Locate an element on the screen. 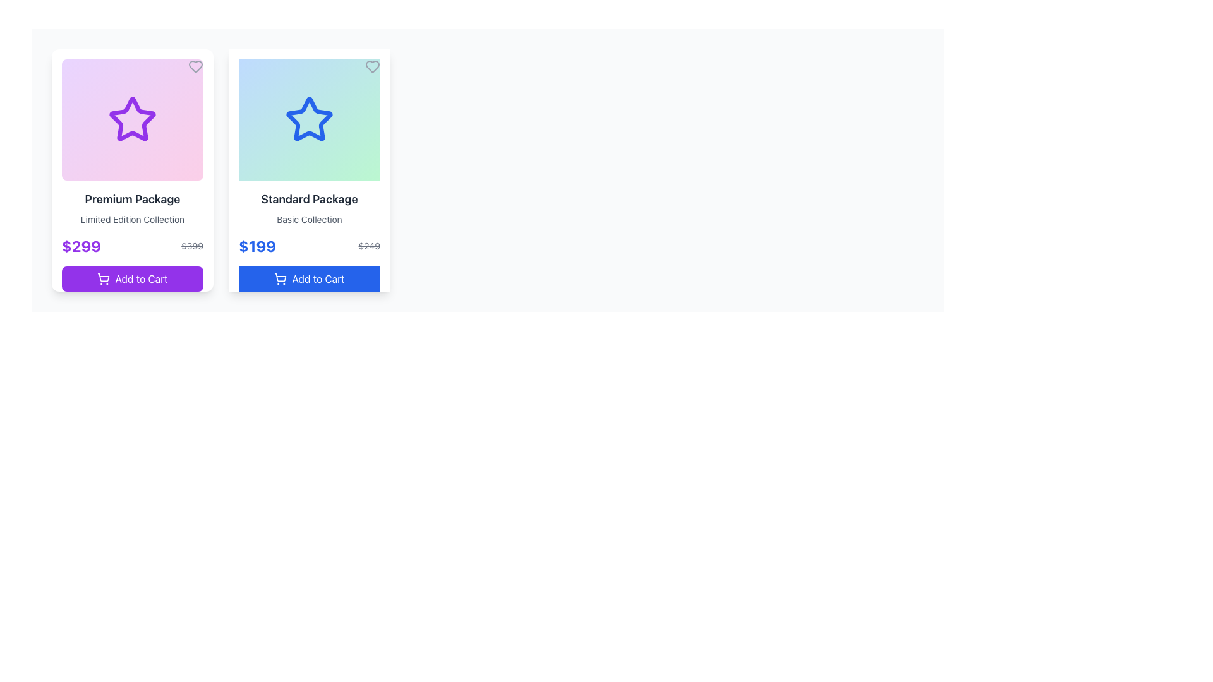 Image resolution: width=1213 pixels, height=682 pixels. the 'Add to Cart' button with a purple background and white text located at the bottom of the 'Premium Package' card is located at coordinates (133, 278).